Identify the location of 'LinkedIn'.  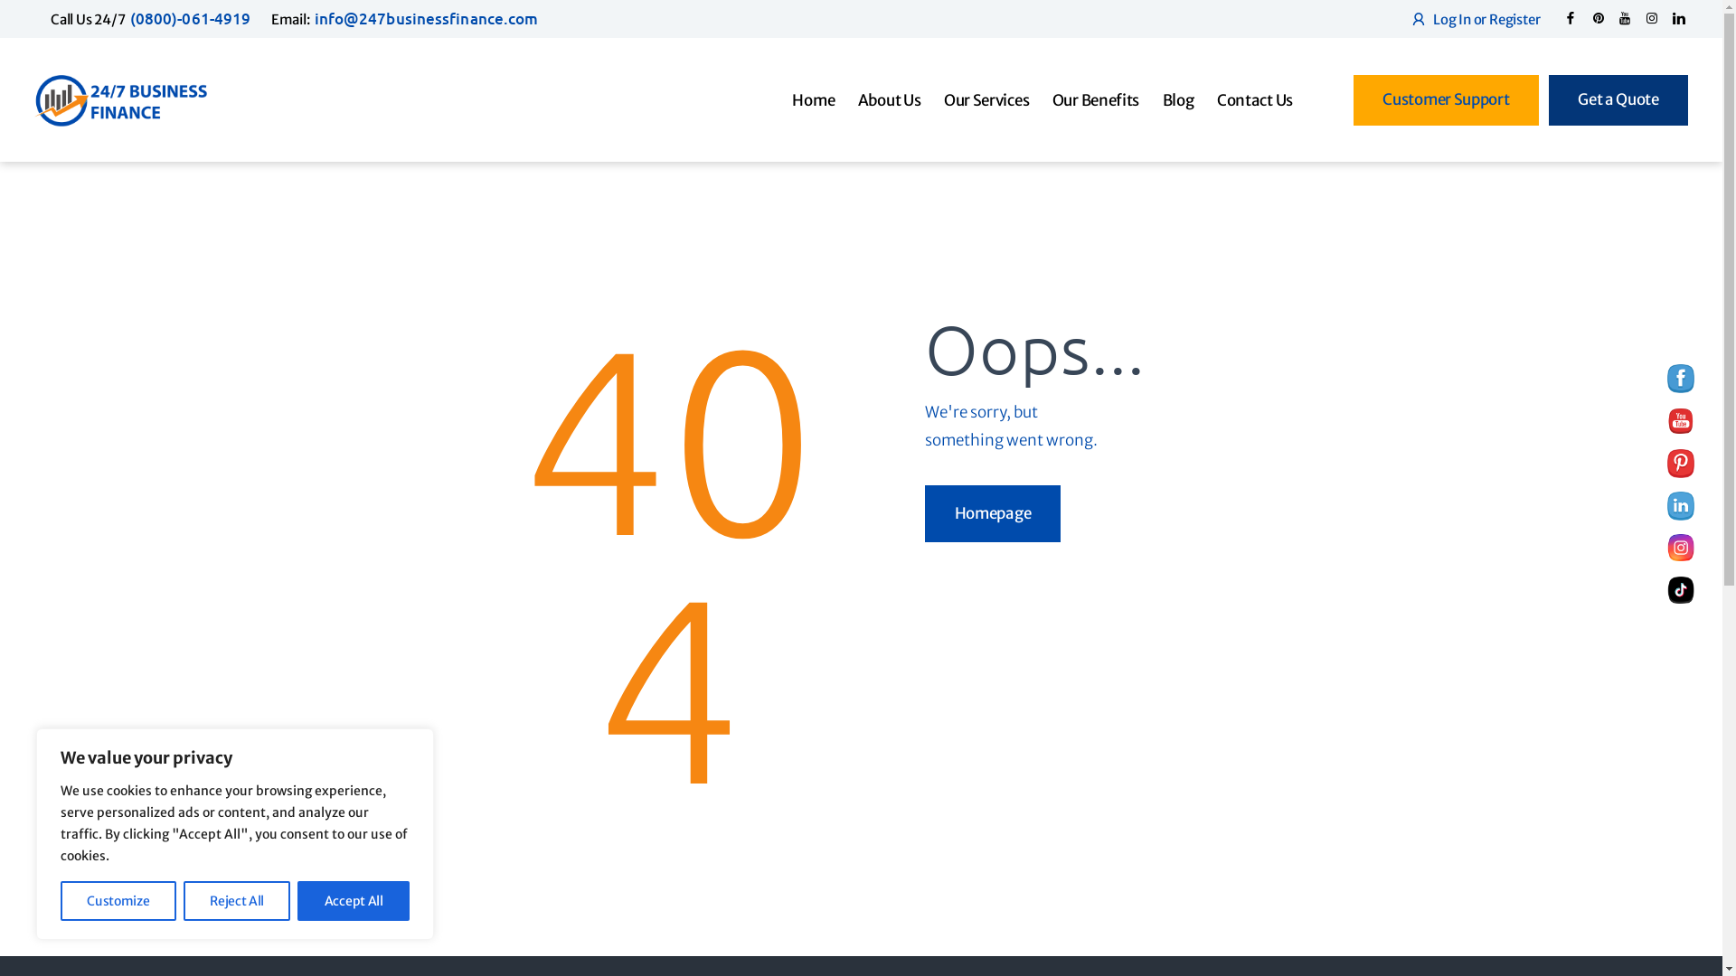
(1665, 505).